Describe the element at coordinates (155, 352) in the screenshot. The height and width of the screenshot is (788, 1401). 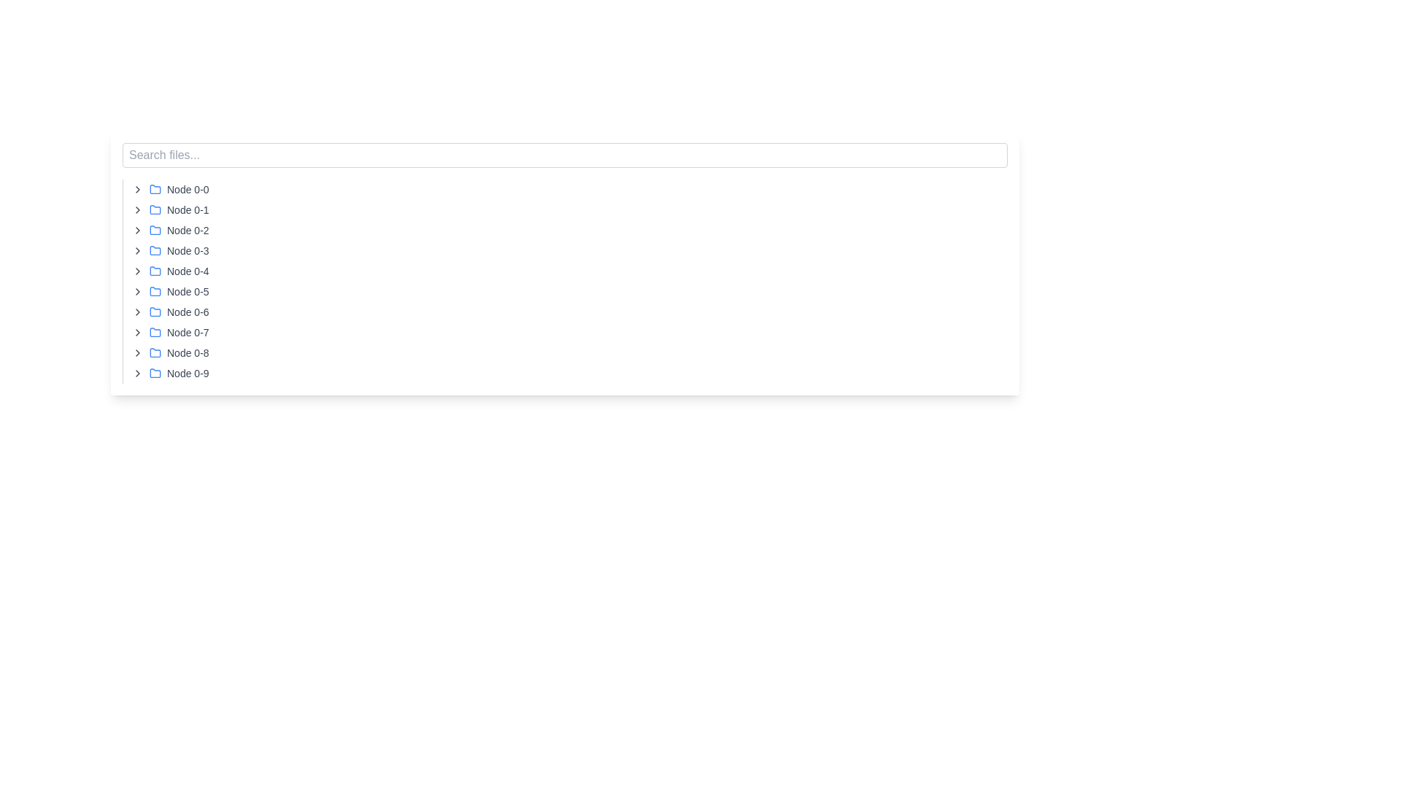
I see `the highlighted folder icon representing 'Node 0-8'` at that location.